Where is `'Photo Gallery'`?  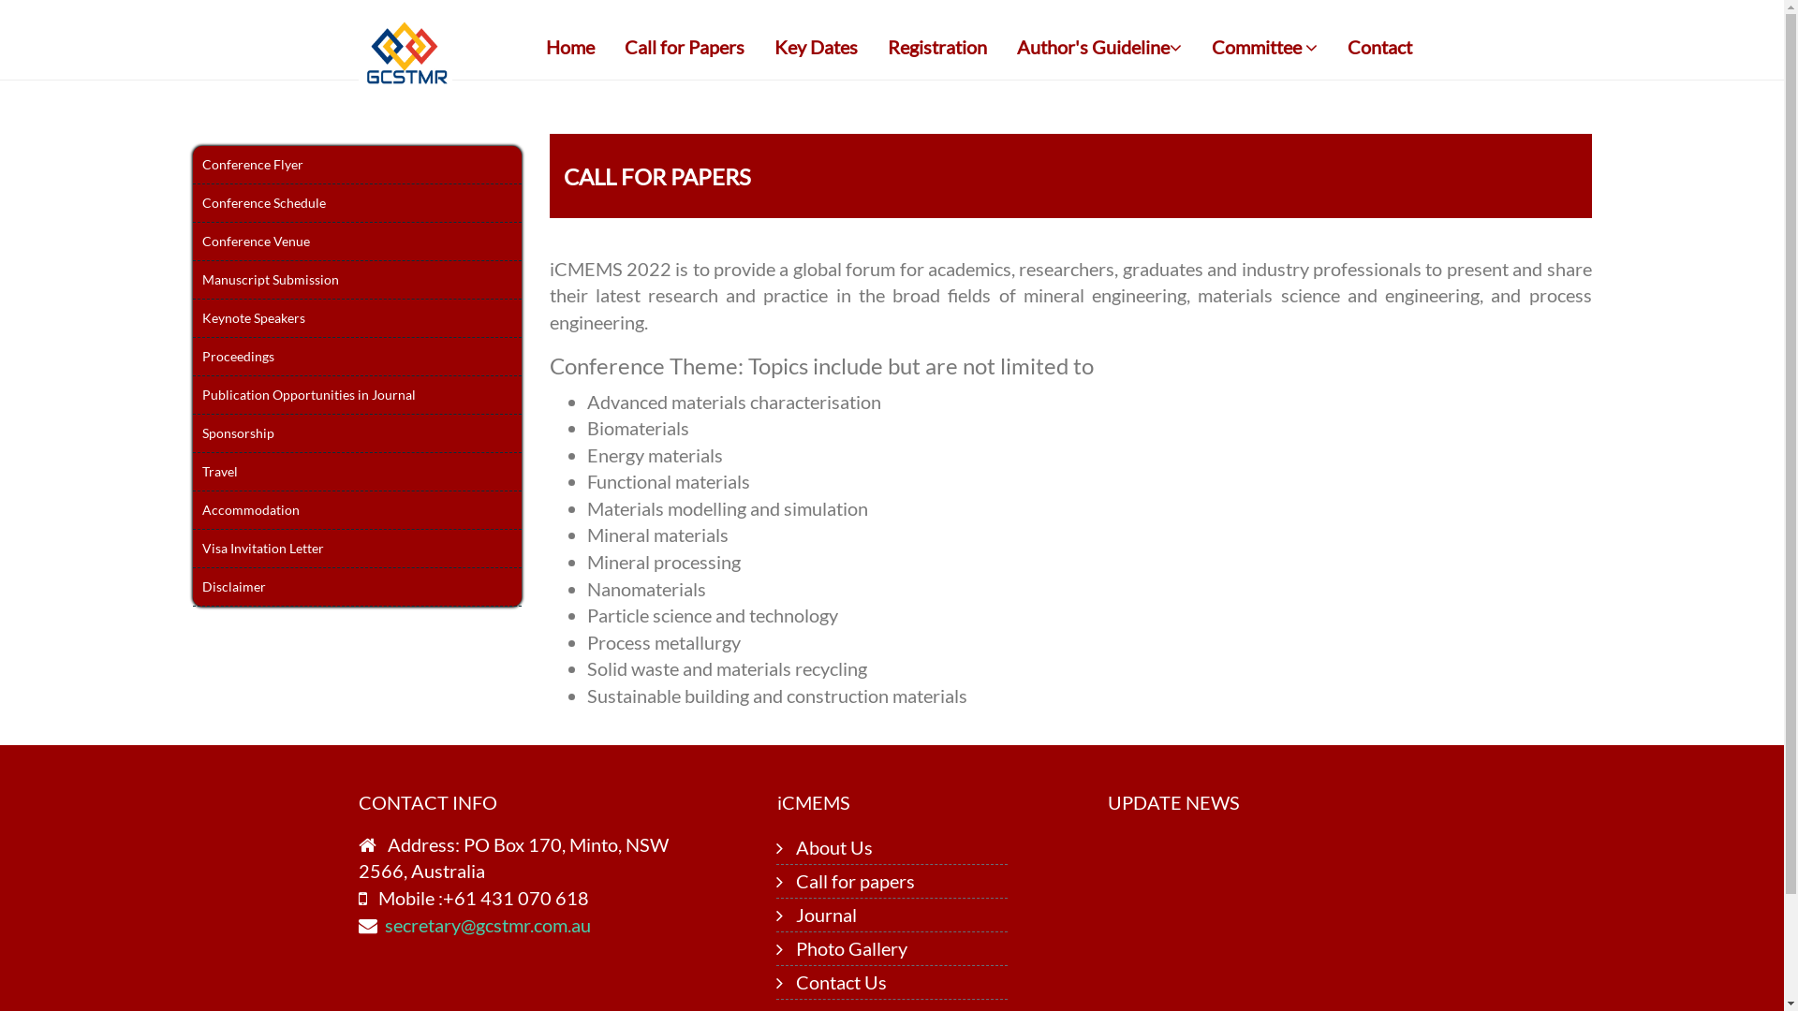 'Photo Gallery' is located at coordinates (850, 948).